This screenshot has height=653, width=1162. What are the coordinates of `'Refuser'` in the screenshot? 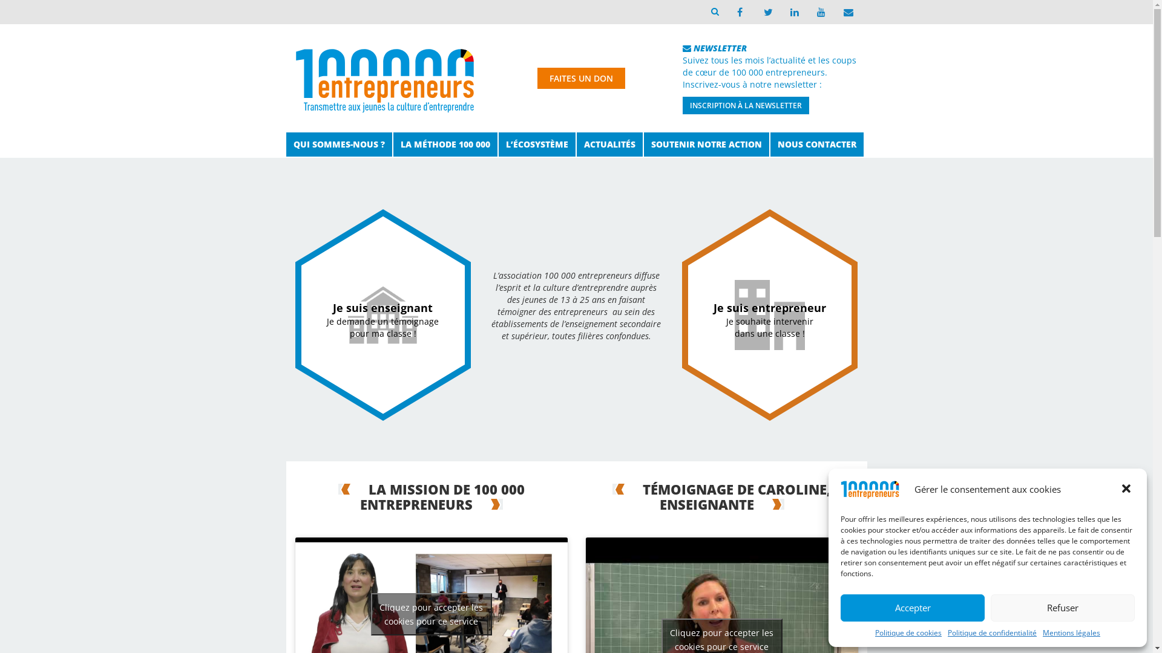 It's located at (1062, 608).